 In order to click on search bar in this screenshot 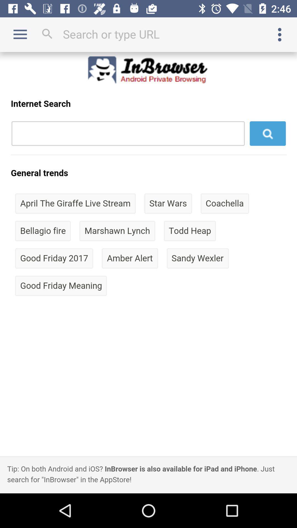, I will do `click(148, 34)`.